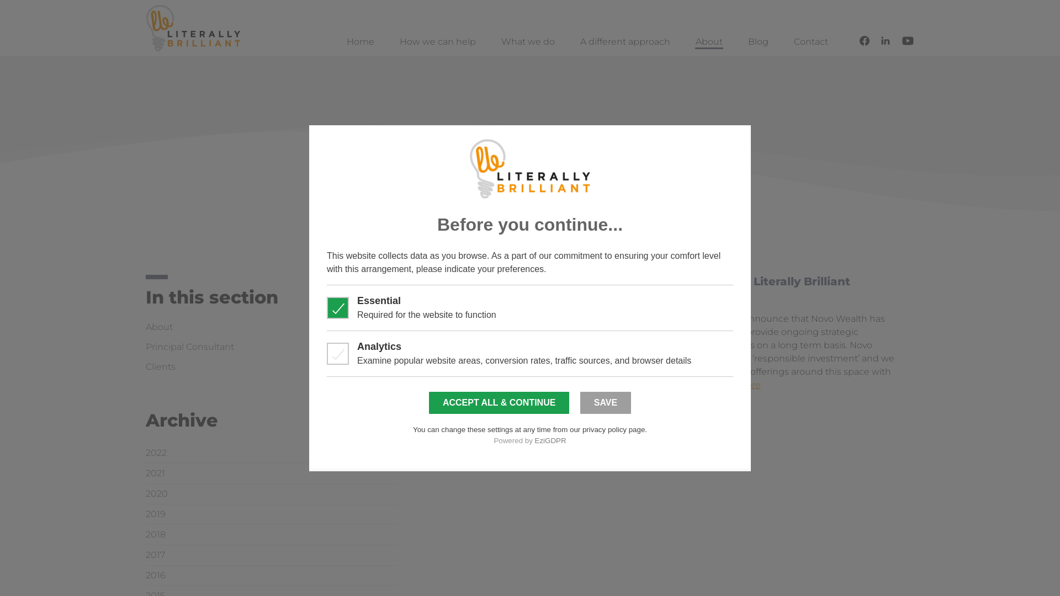  Describe the element at coordinates (527, 41) in the screenshot. I see `'What we do'` at that location.